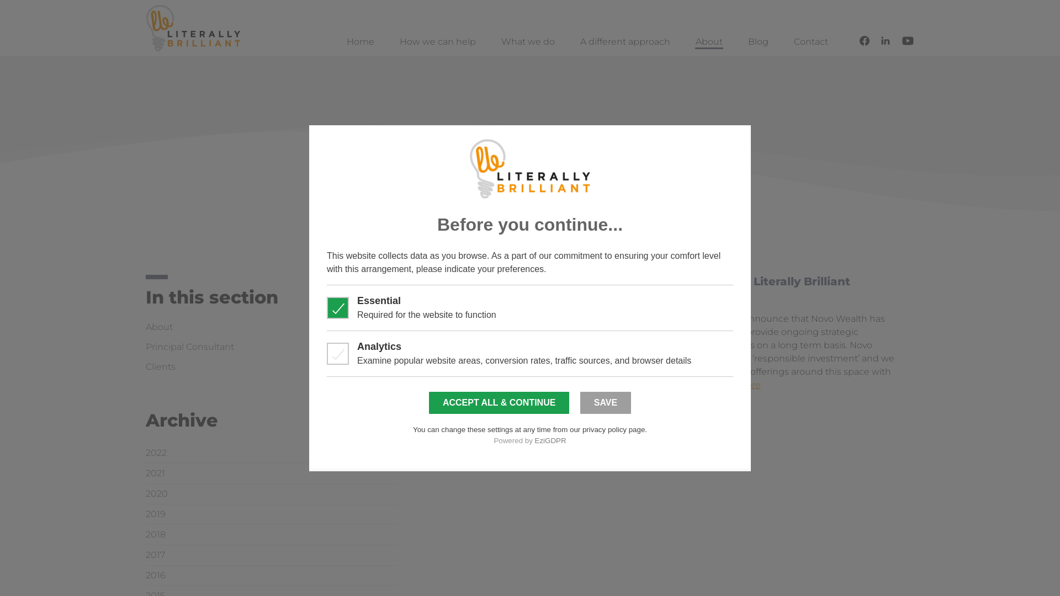  Describe the element at coordinates (527, 41) in the screenshot. I see `'What we do'` at that location.